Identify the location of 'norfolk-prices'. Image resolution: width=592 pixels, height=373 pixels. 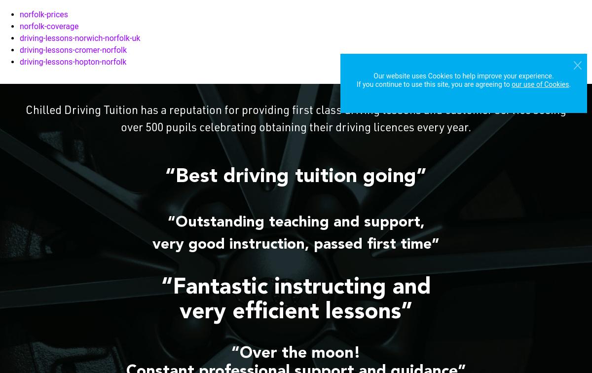
(44, 14).